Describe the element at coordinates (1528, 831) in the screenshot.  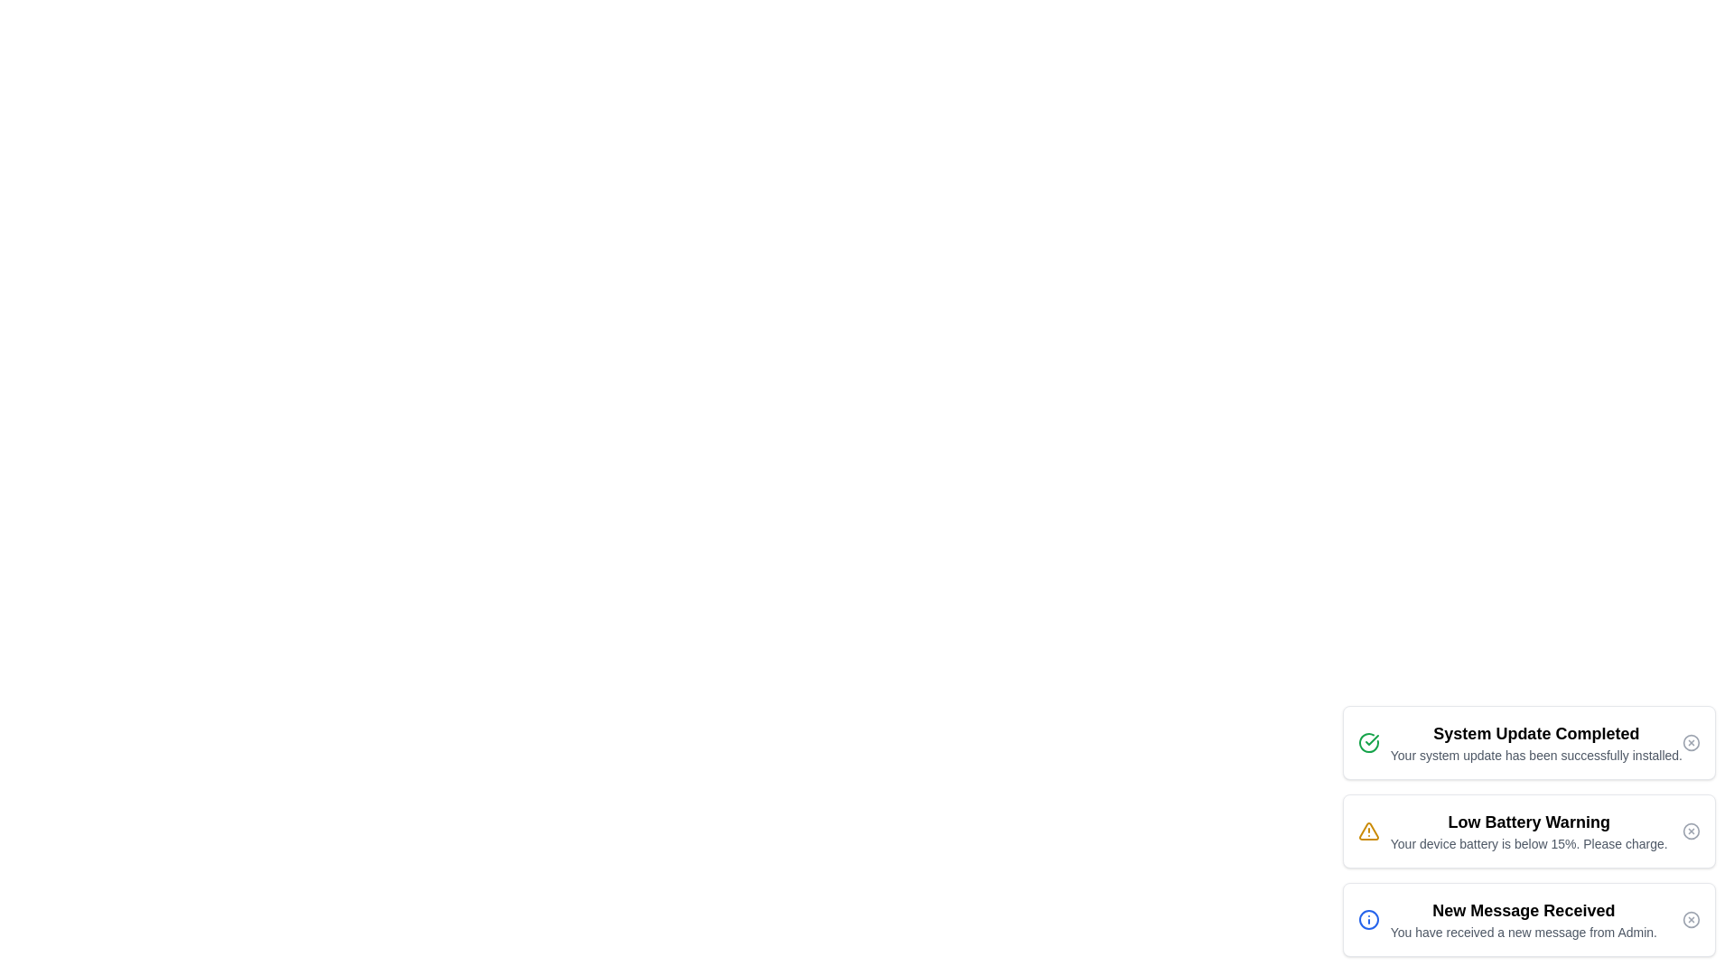
I see `displayed text in the Notification panel that shows a 'Low Battery Warning' with a yellow warning icon and descriptive message` at that location.